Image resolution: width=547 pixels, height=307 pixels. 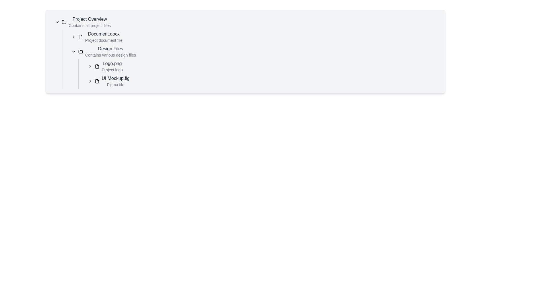 I want to click on the folder icon that represents the 'Project Overview' section, located at the top left corner of the section, between a downward chevron icon and a textual label, so click(x=64, y=22).